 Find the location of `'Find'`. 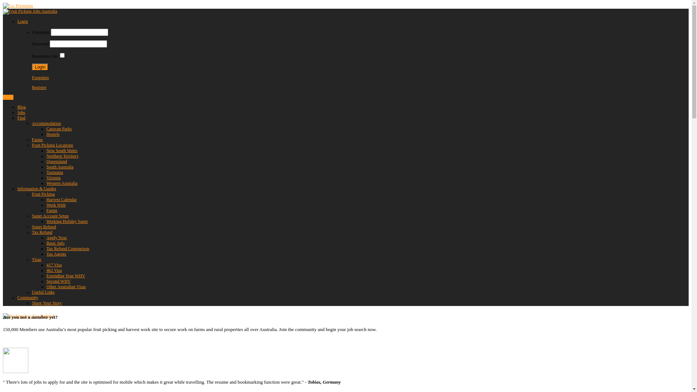

'Find' is located at coordinates (21, 117).